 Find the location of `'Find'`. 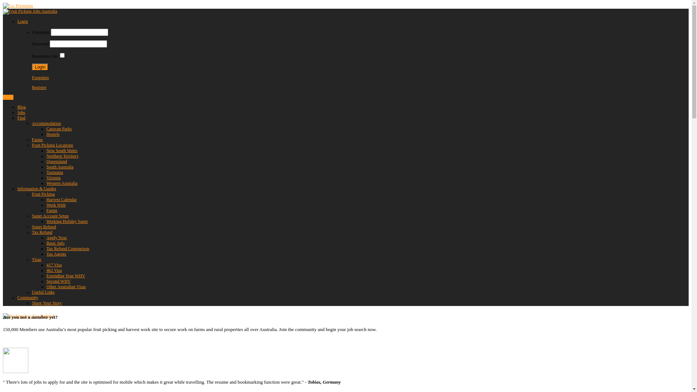

'Find' is located at coordinates (21, 117).